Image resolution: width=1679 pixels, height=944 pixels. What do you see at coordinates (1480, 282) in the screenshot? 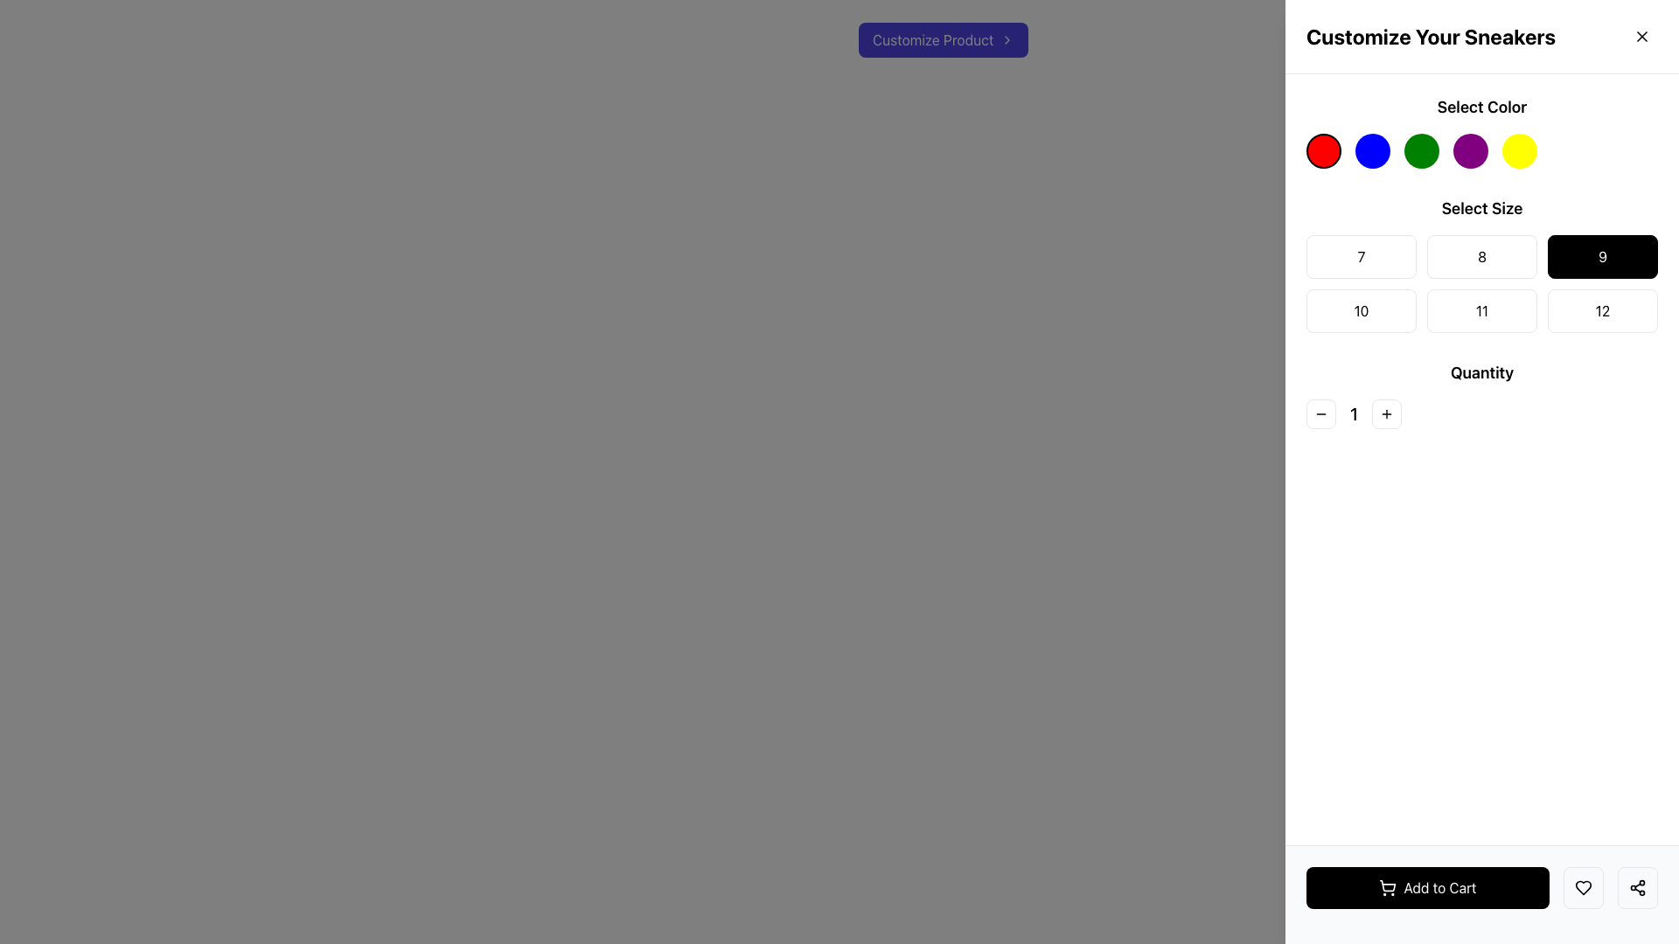
I see `the grid of selectable buttons labeled with numbers 7 through 12` at bounding box center [1480, 282].